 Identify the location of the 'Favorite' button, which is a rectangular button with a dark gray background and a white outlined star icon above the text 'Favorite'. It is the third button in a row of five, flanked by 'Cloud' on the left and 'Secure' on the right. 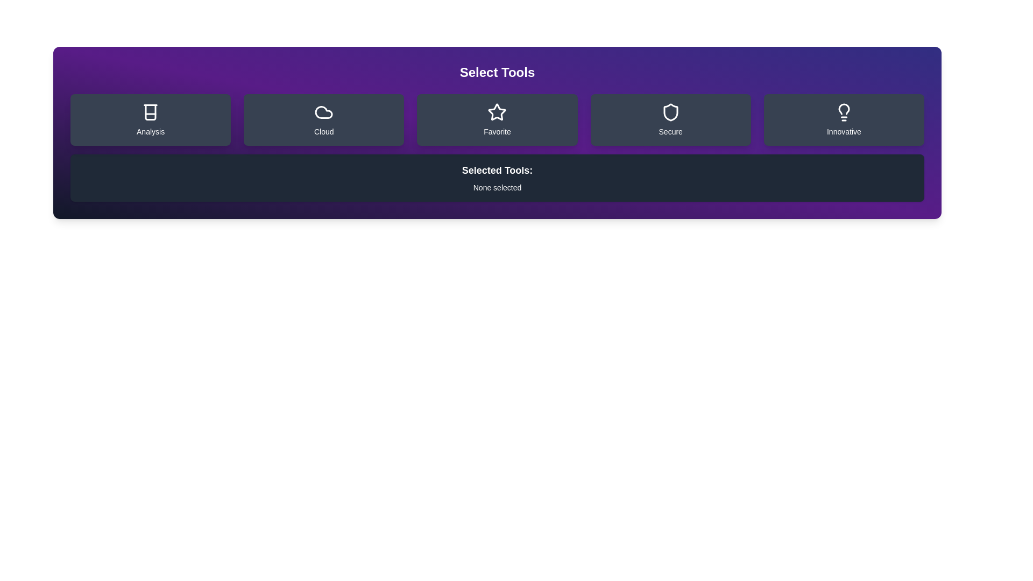
(497, 120).